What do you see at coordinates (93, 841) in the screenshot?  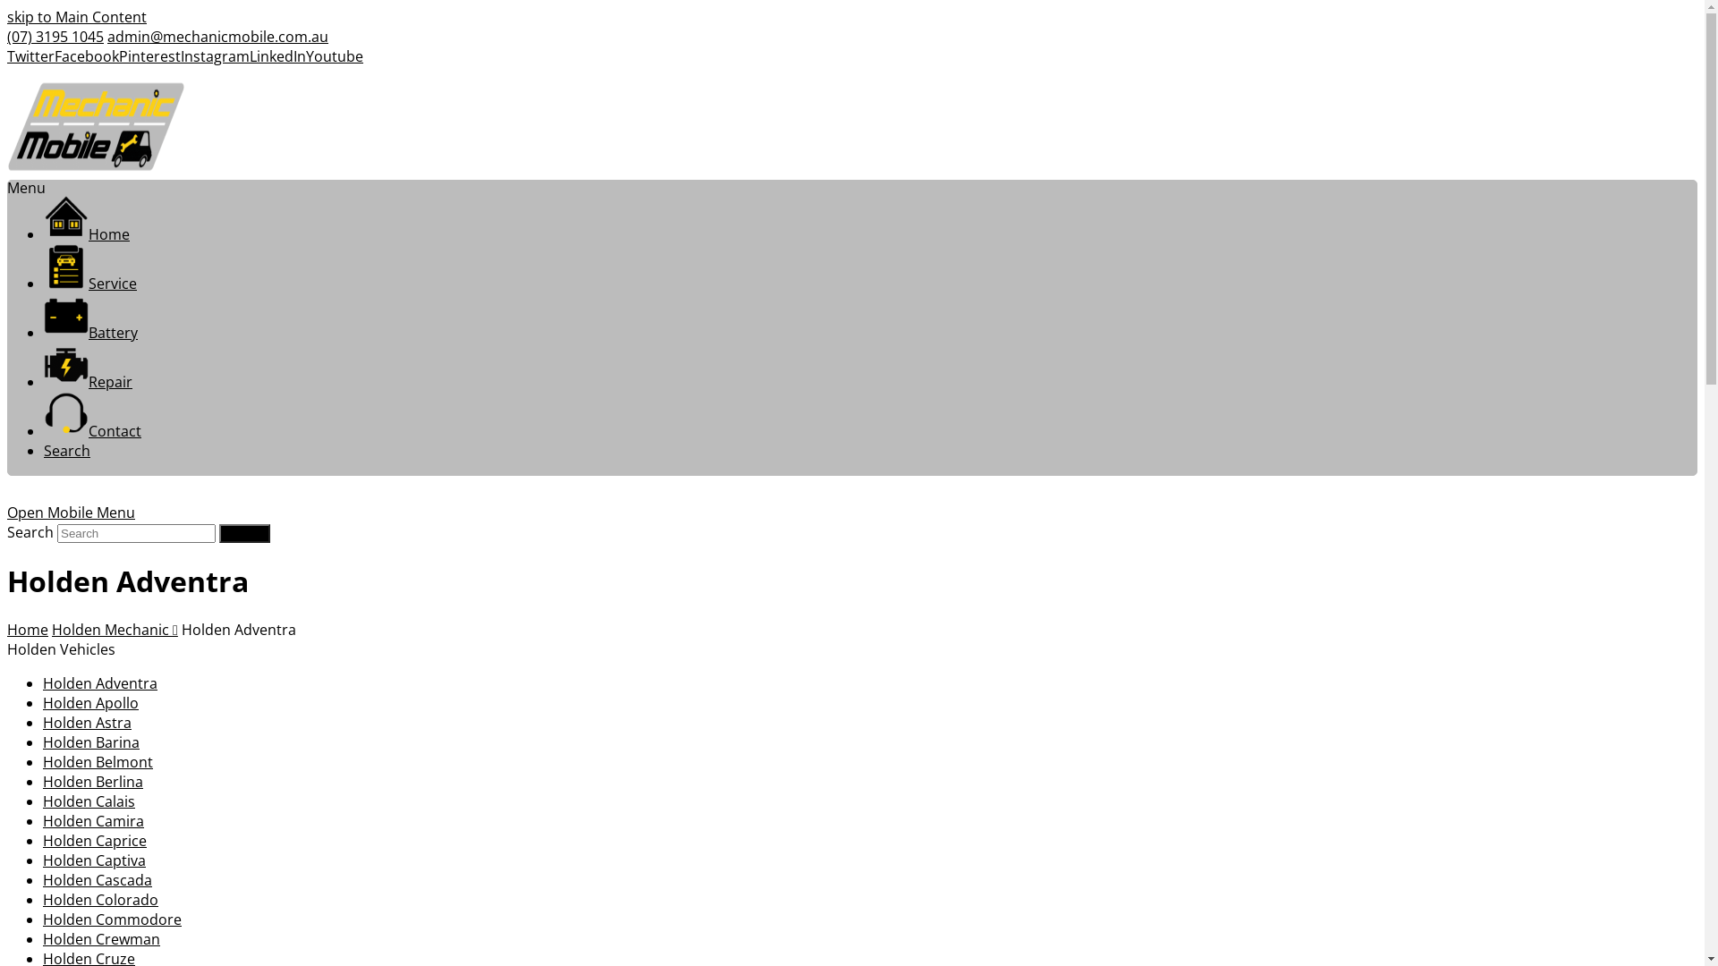 I see `'Holden Caprice'` at bounding box center [93, 841].